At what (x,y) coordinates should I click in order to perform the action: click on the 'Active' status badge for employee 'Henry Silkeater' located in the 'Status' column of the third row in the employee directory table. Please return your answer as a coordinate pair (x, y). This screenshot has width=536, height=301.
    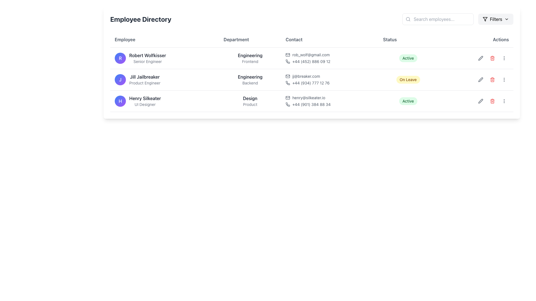
    Looking at the image, I should click on (408, 101).